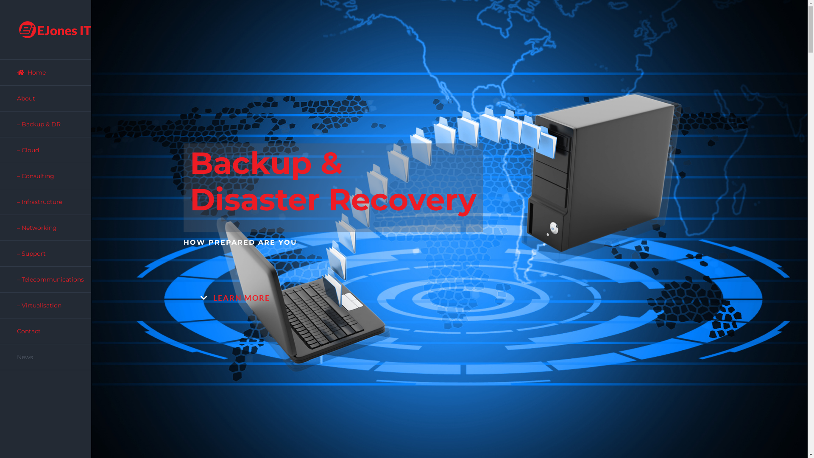 This screenshot has width=814, height=458. What do you see at coordinates (45, 72) in the screenshot?
I see `'Home'` at bounding box center [45, 72].